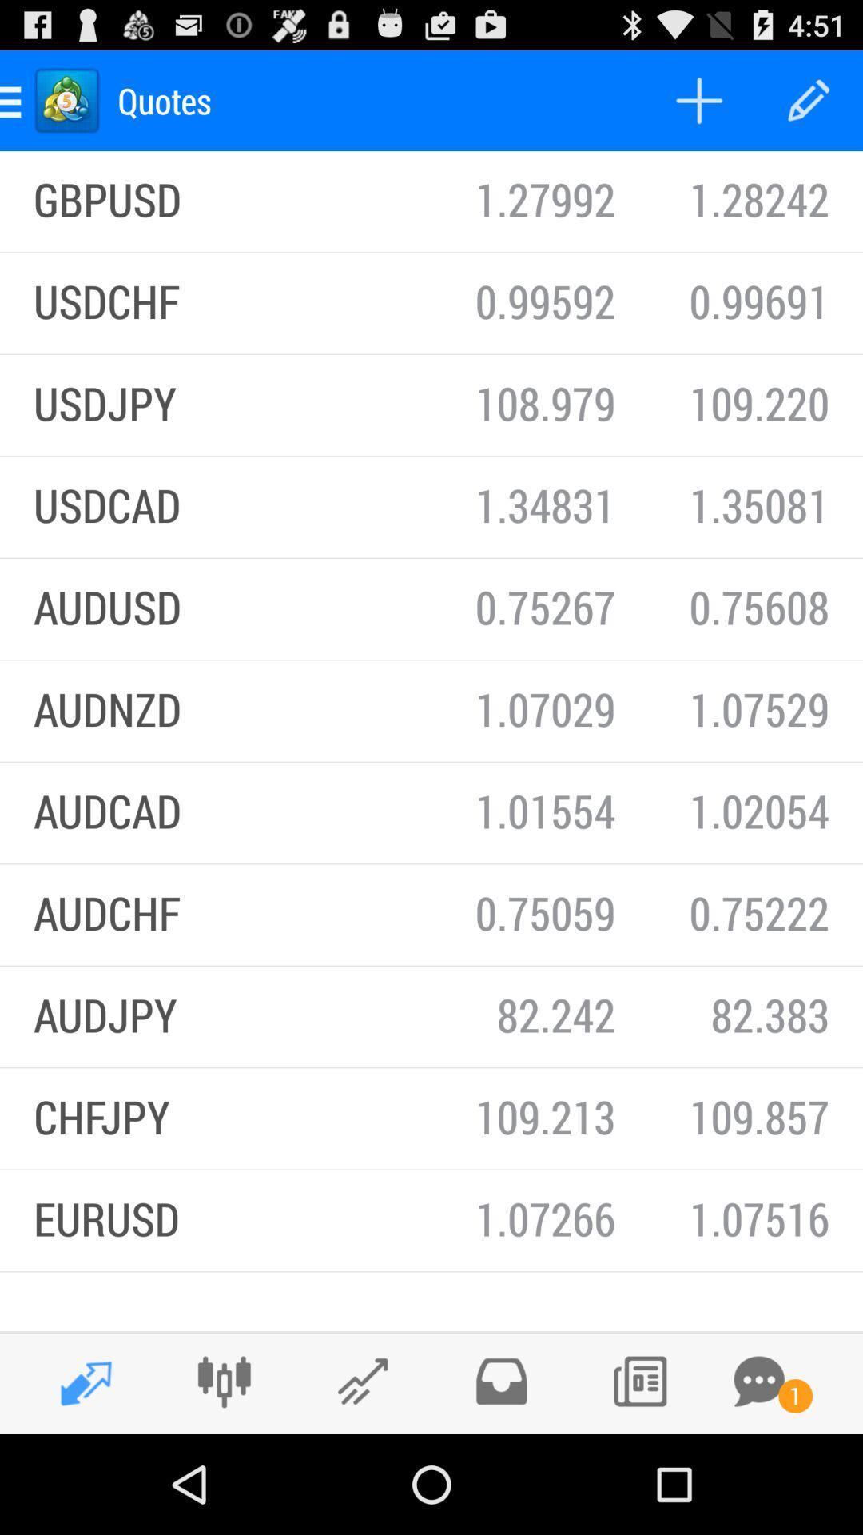 The height and width of the screenshot is (1535, 863). I want to click on the chat icon, so click(758, 1477).